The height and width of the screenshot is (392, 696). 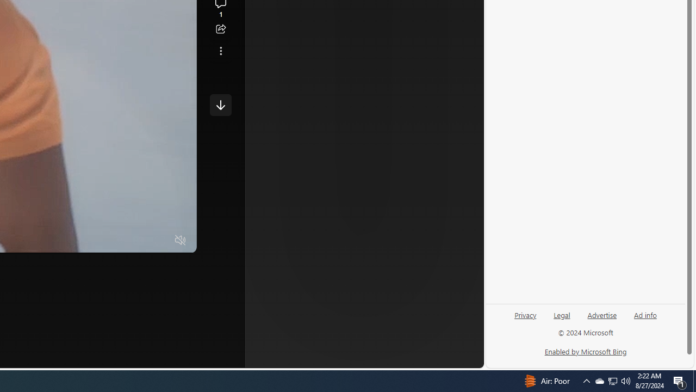 What do you see at coordinates (220, 51) in the screenshot?
I see `'See more'` at bounding box center [220, 51].